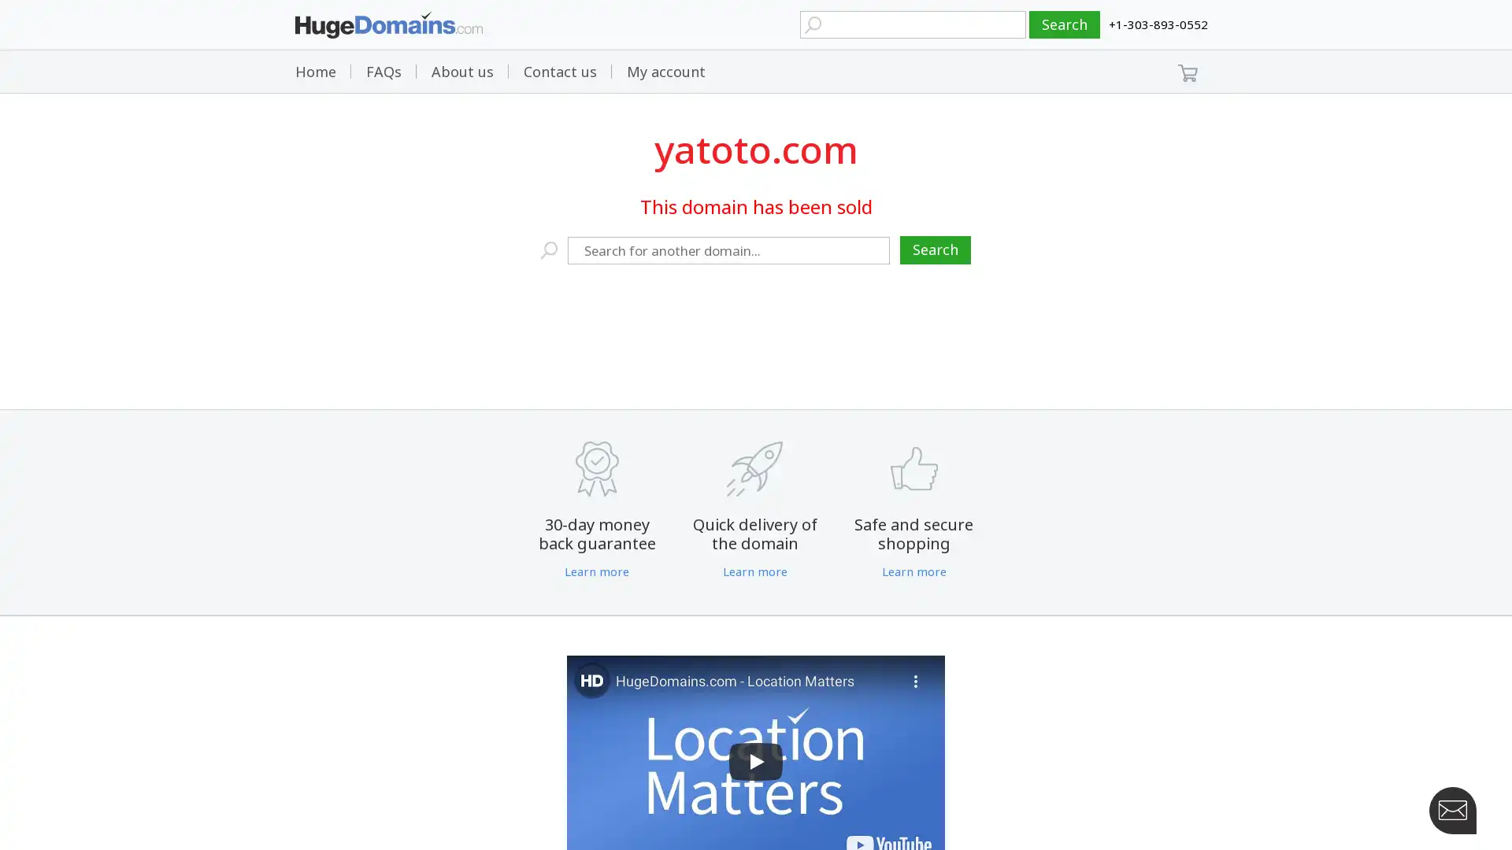 This screenshot has height=850, width=1512. Describe the element at coordinates (1065, 24) in the screenshot. I see `Search` at that location.